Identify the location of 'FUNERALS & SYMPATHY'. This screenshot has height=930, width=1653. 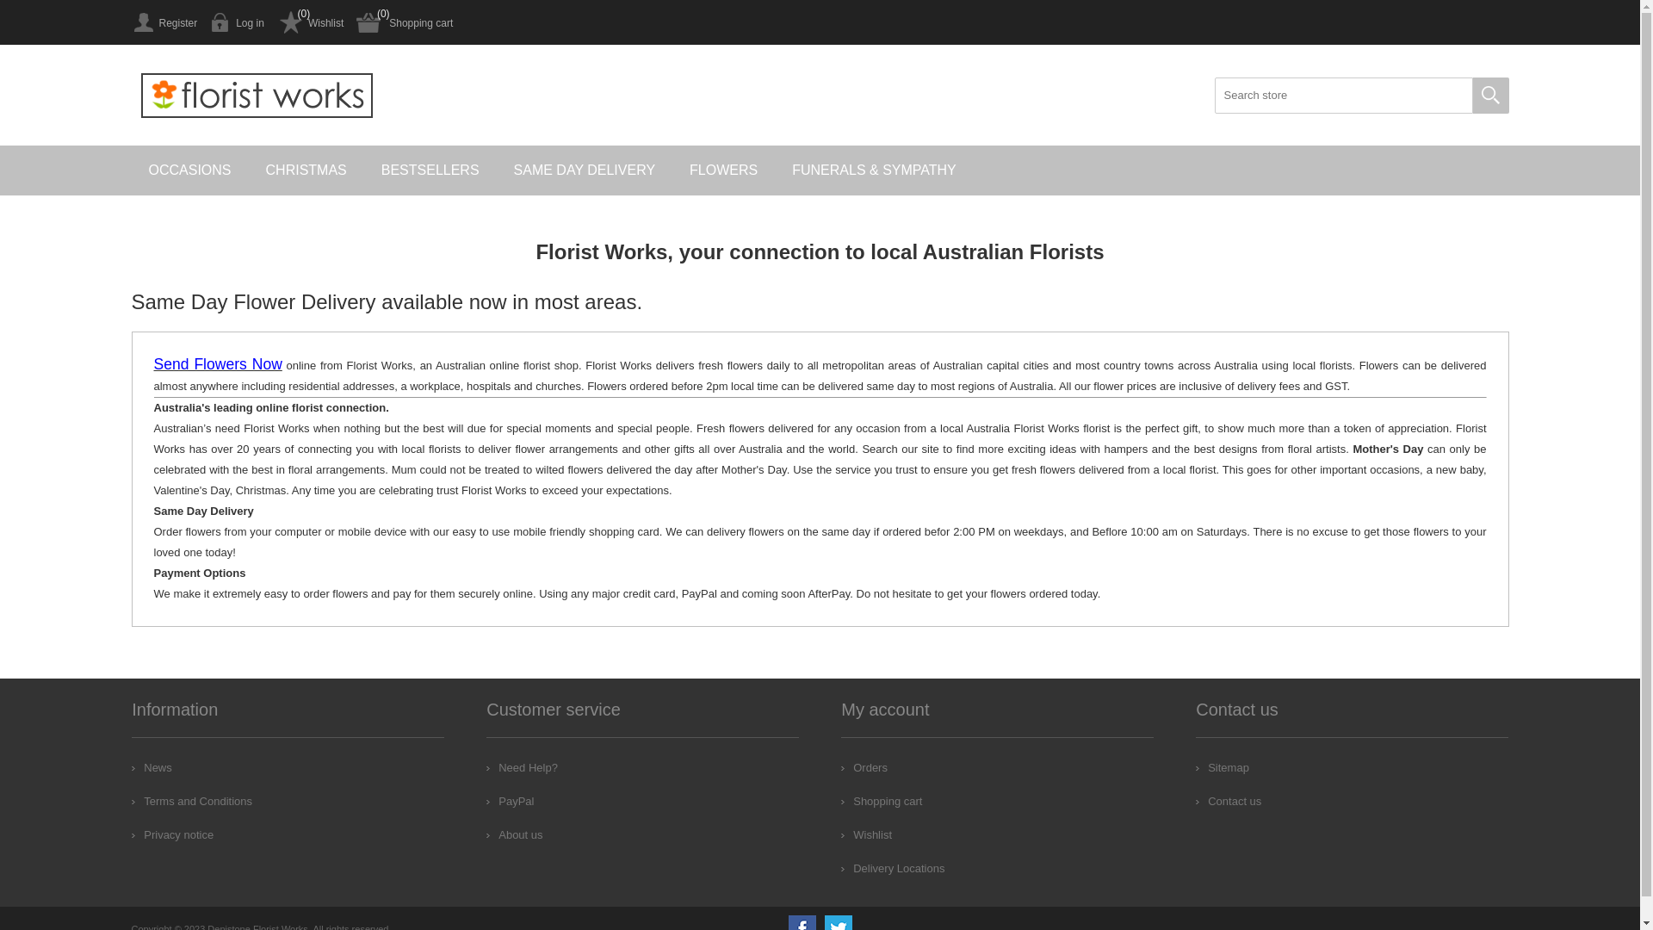
(874, 170).